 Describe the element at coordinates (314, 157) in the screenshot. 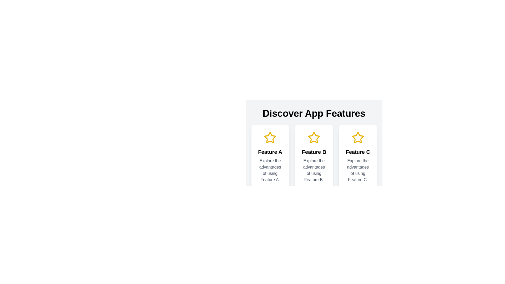

I see `the second feature card in the grid of three feature cards, which contains the heading 'Feature B', an icon of a star above it, and a description below` at that location.